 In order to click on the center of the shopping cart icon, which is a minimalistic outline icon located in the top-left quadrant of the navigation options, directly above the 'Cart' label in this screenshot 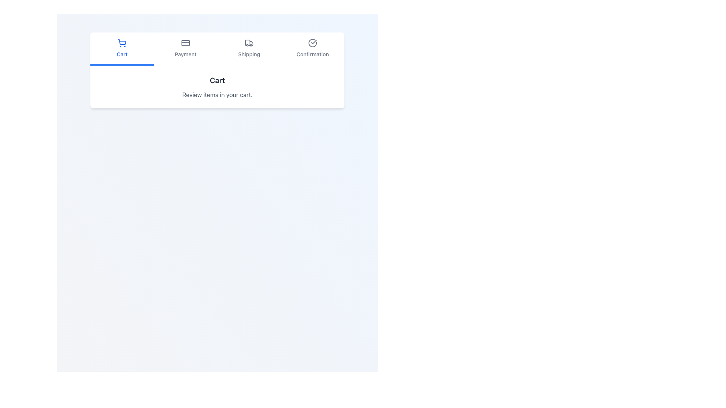, I will do `click(122, 43)`.